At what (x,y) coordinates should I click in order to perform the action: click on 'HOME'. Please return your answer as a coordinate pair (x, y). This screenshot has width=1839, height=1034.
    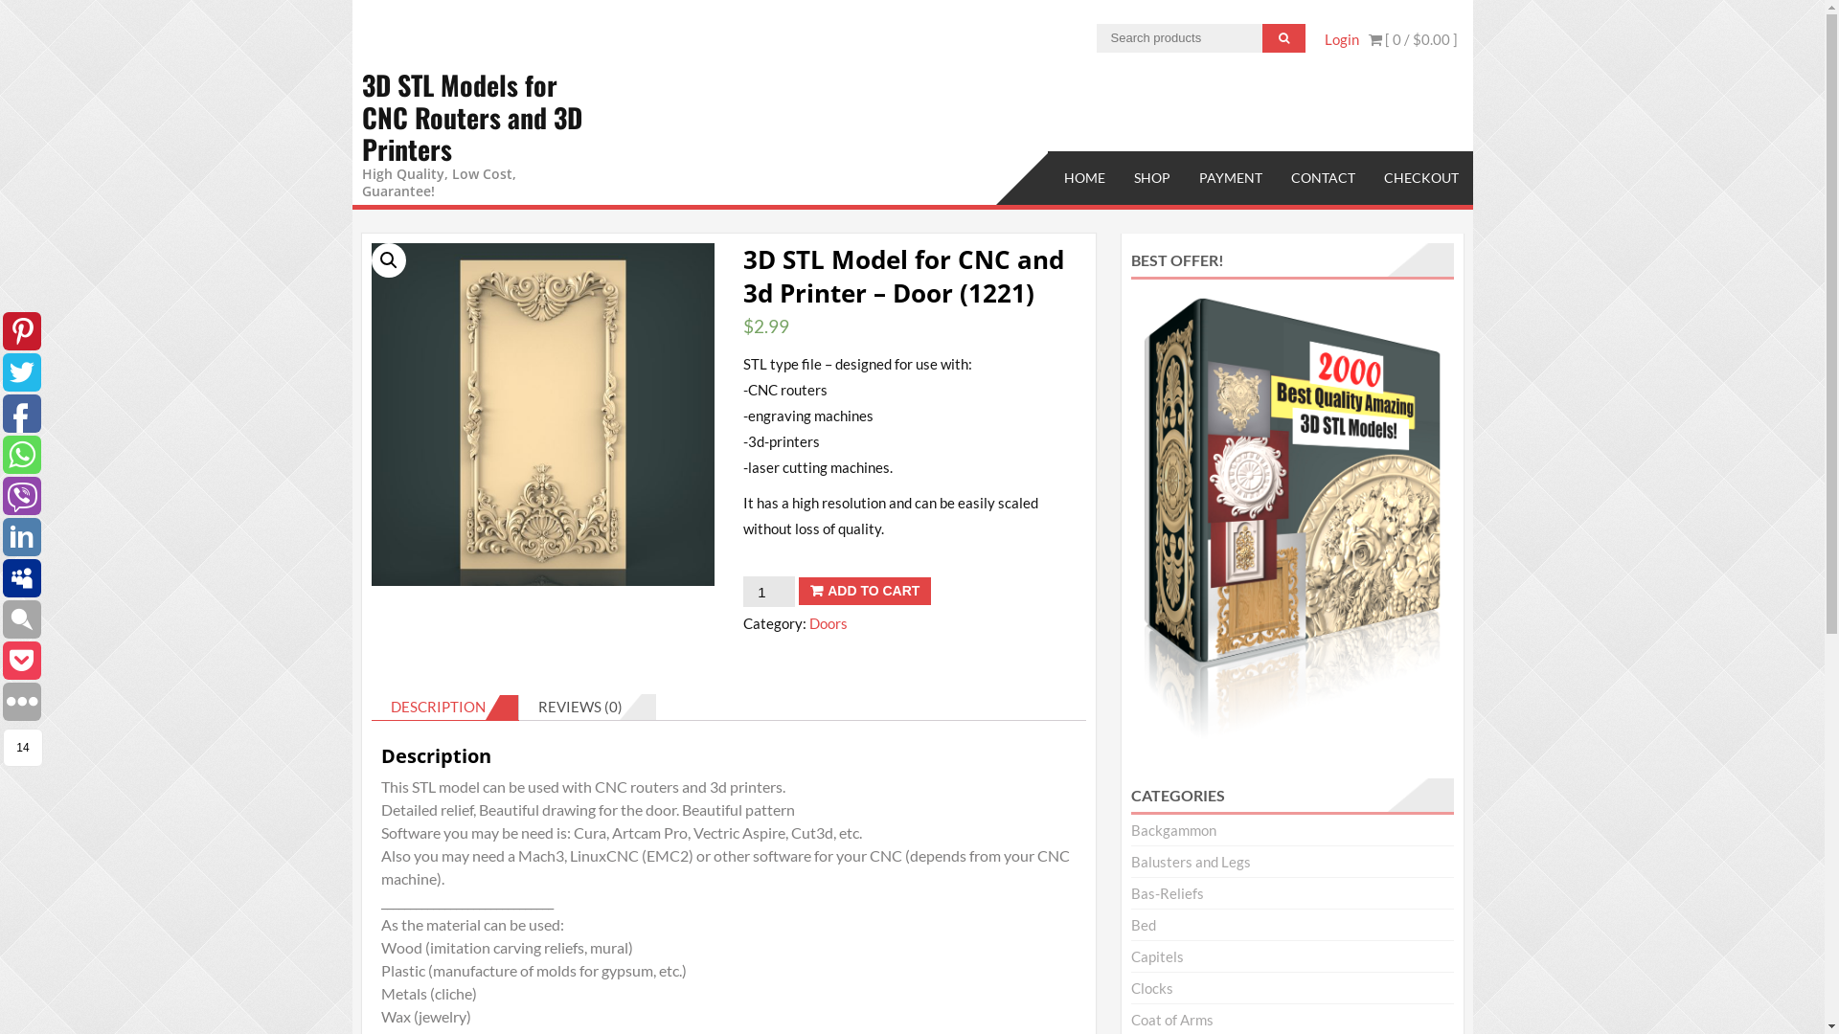
    Looking at the image, I should click on (1084, 177).